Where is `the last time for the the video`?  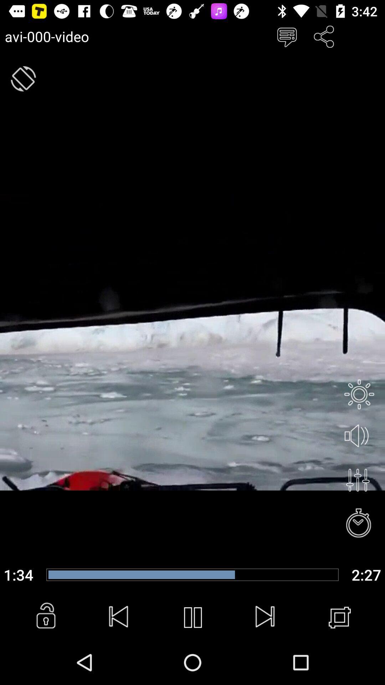 the last time for the the video is located at coordinates (366, 575).